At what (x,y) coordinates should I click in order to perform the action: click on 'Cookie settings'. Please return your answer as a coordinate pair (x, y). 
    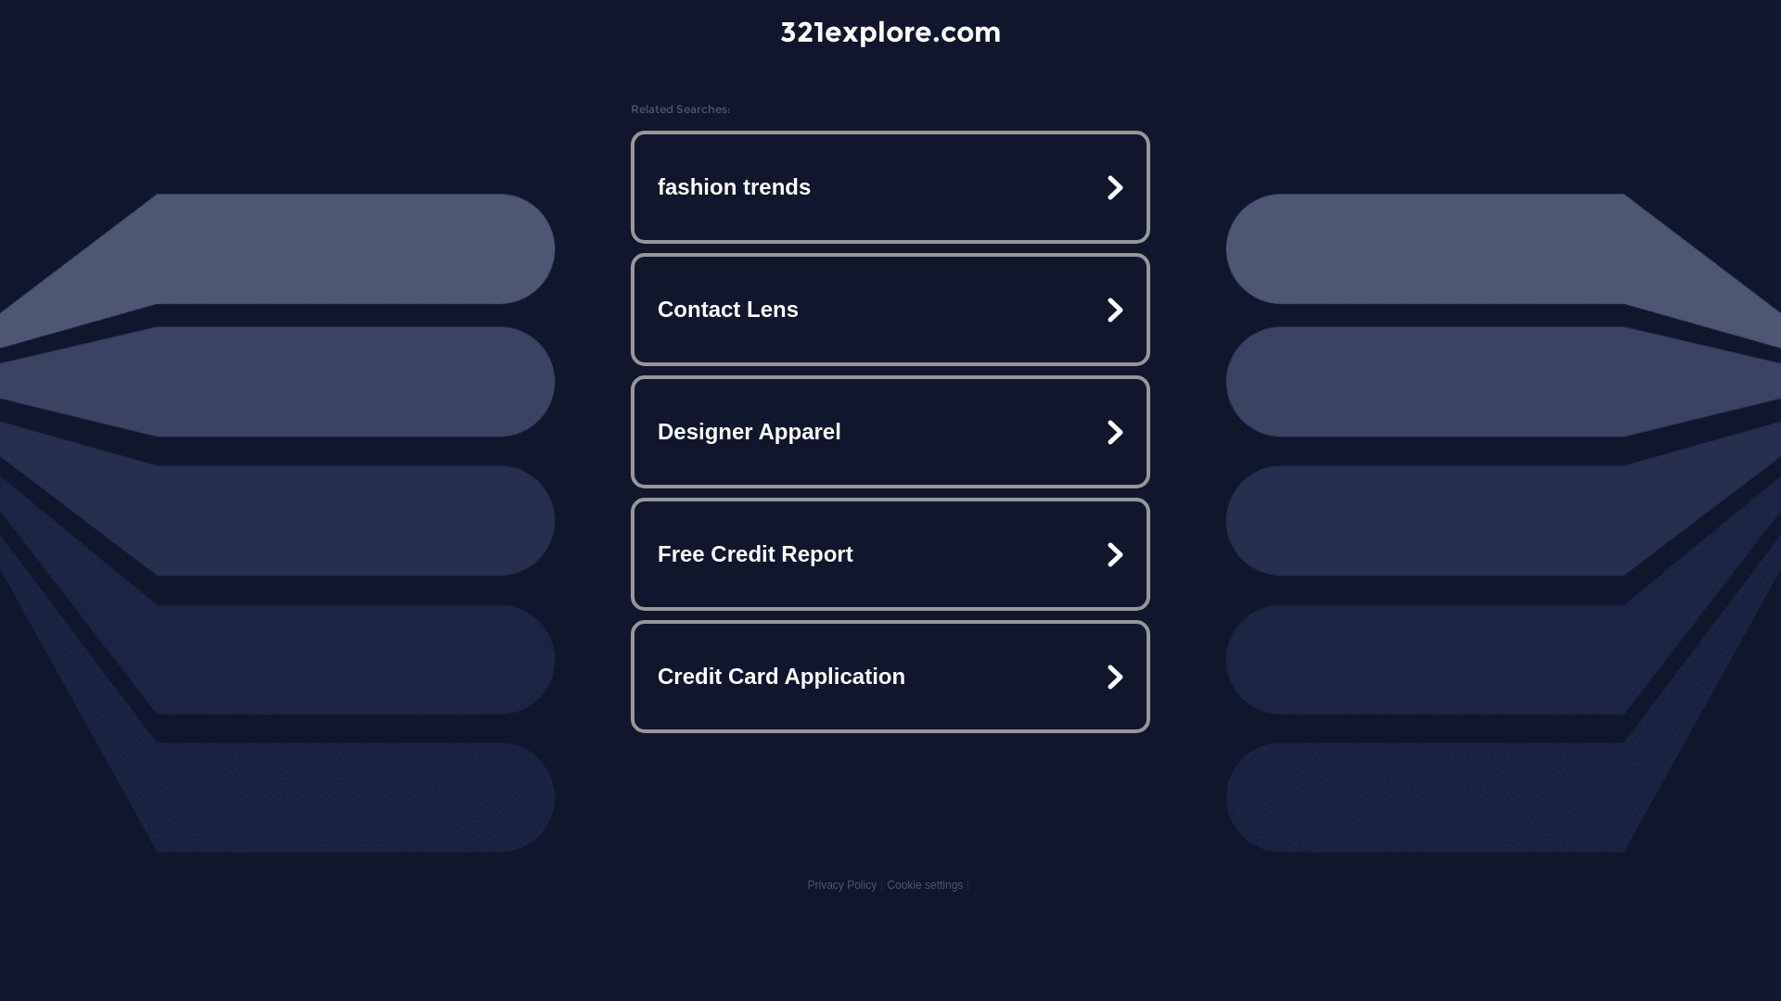
    Looking at the image, I should click on (925, 884).